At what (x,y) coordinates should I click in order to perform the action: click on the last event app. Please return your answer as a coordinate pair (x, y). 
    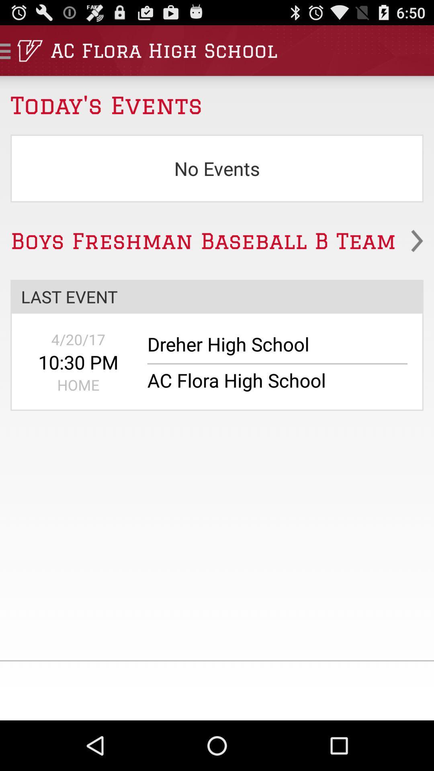
    Looking at the image, I should click on (217, 296).